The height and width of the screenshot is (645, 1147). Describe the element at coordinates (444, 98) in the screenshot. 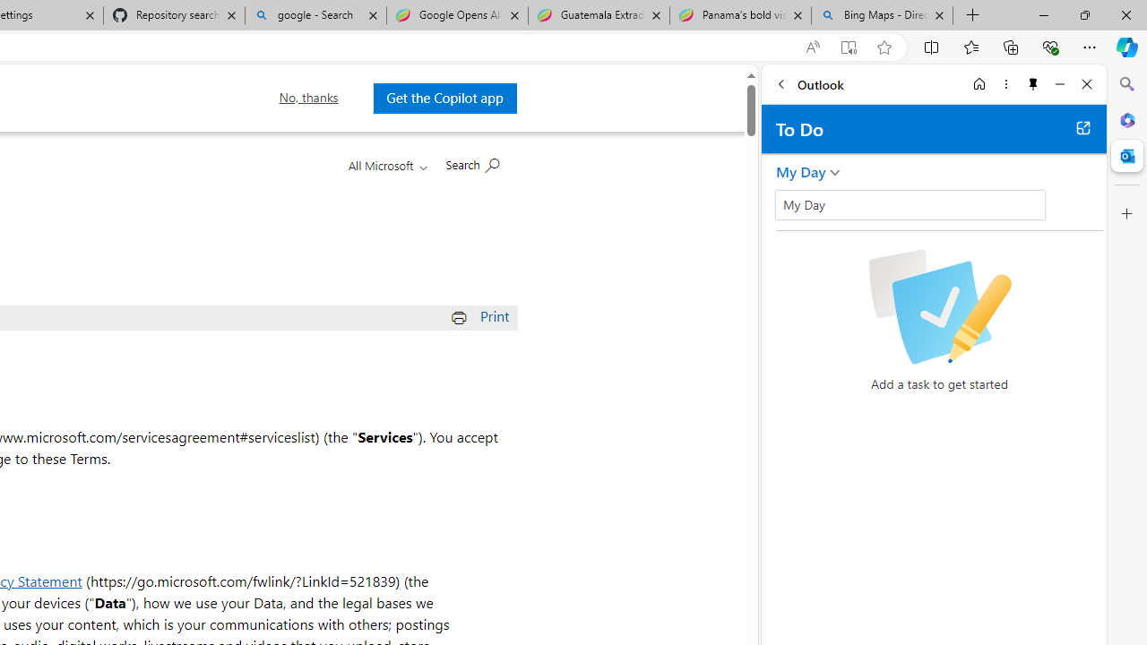

I see `'Get the Copilot app '` at that location.